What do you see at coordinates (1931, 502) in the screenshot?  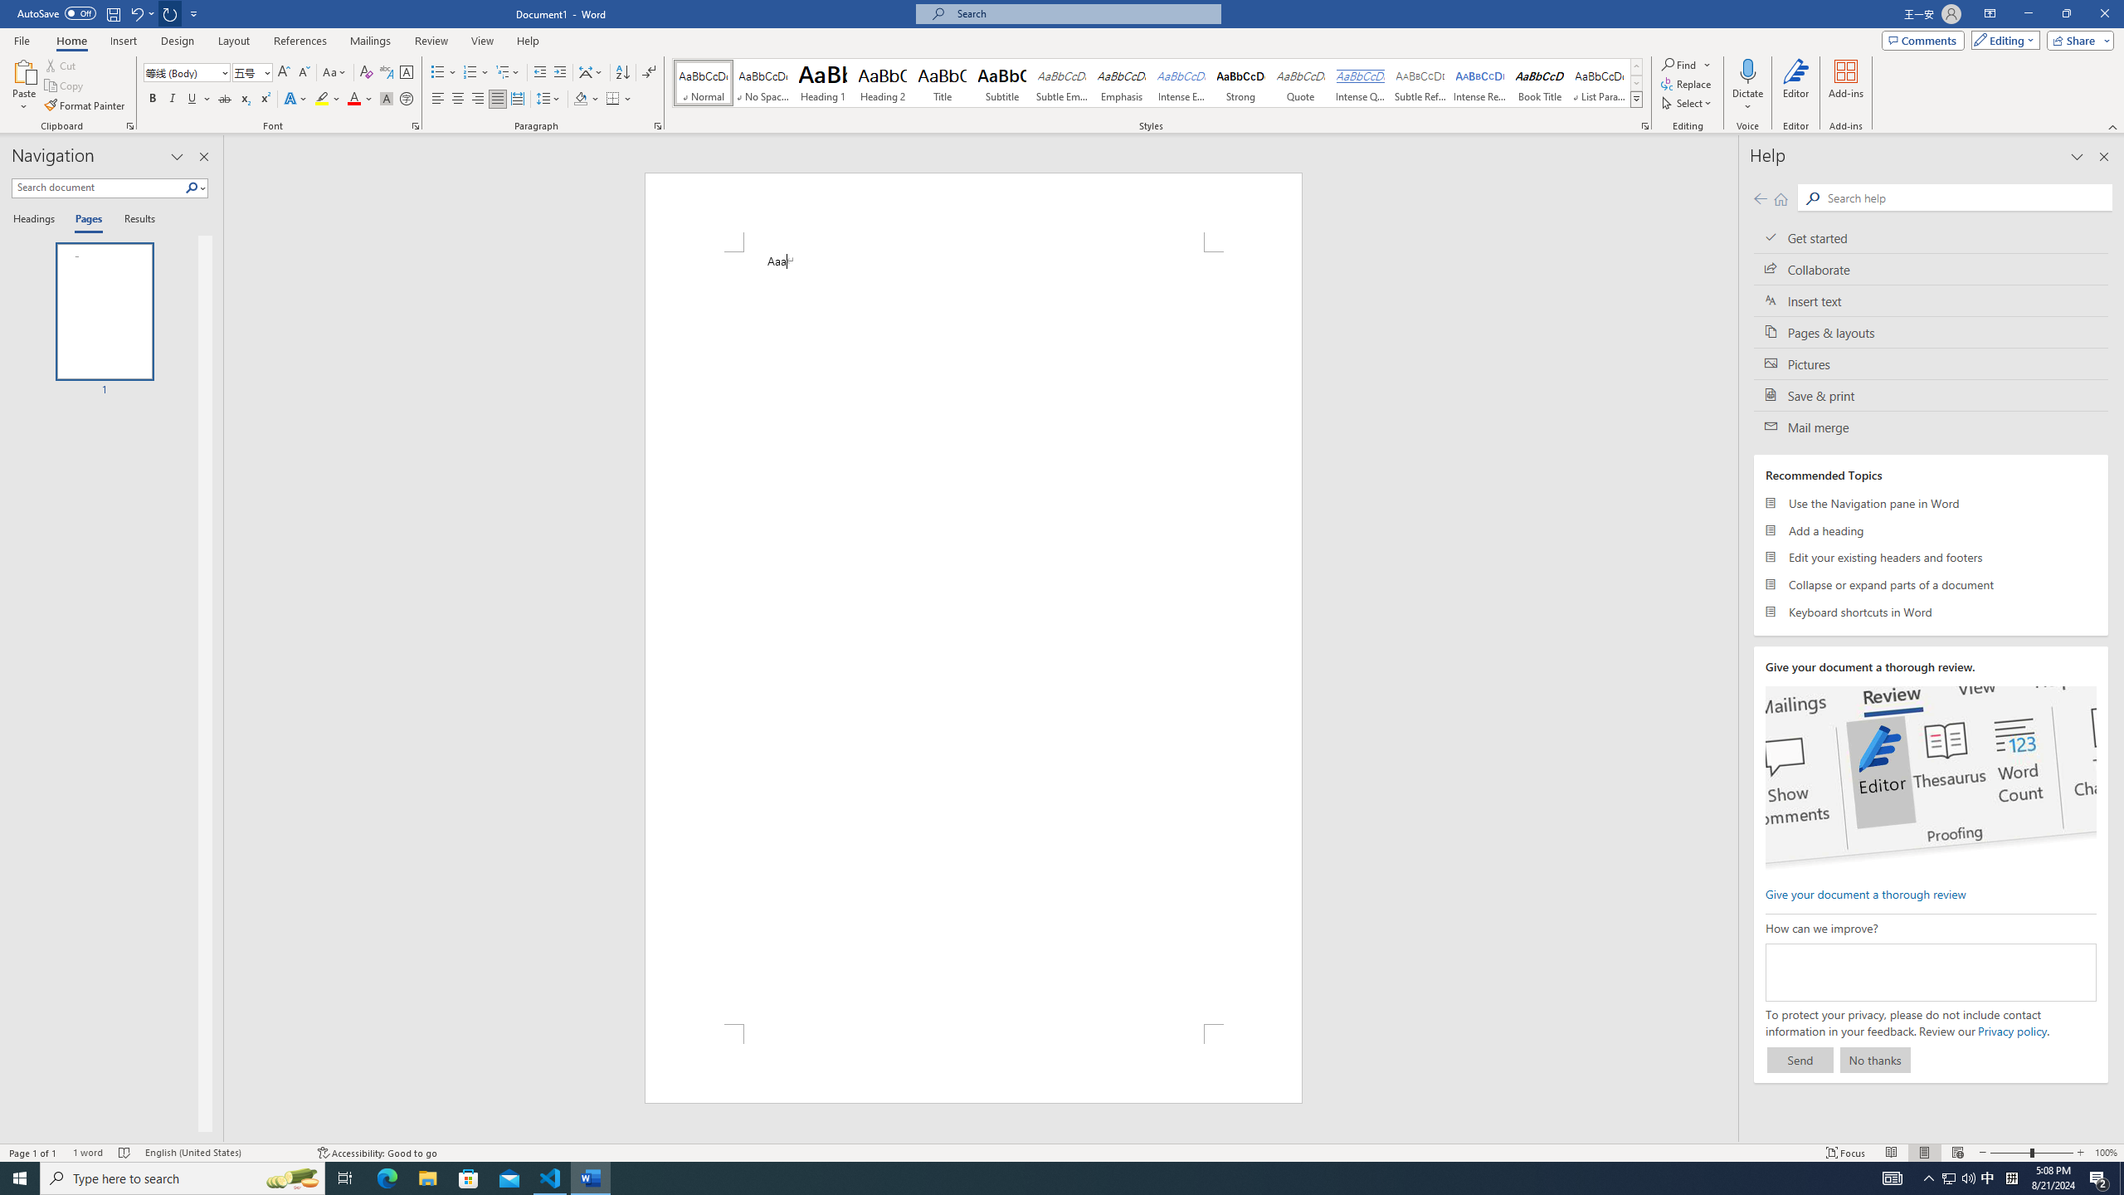 I see `'Use the Navigation pane in Word'` at bounding box center [1931, 502].